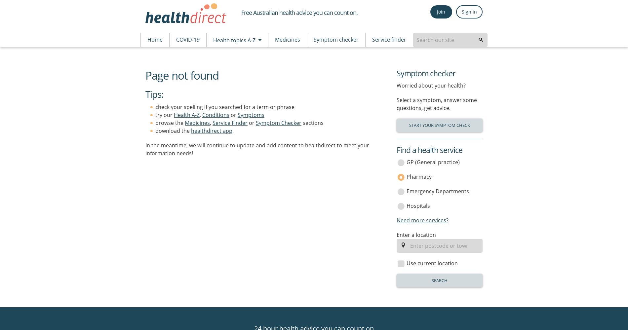  Describe the element at coordinates (213, 40) in the screenshot. I see `'Health topics A-Z'` at that location.